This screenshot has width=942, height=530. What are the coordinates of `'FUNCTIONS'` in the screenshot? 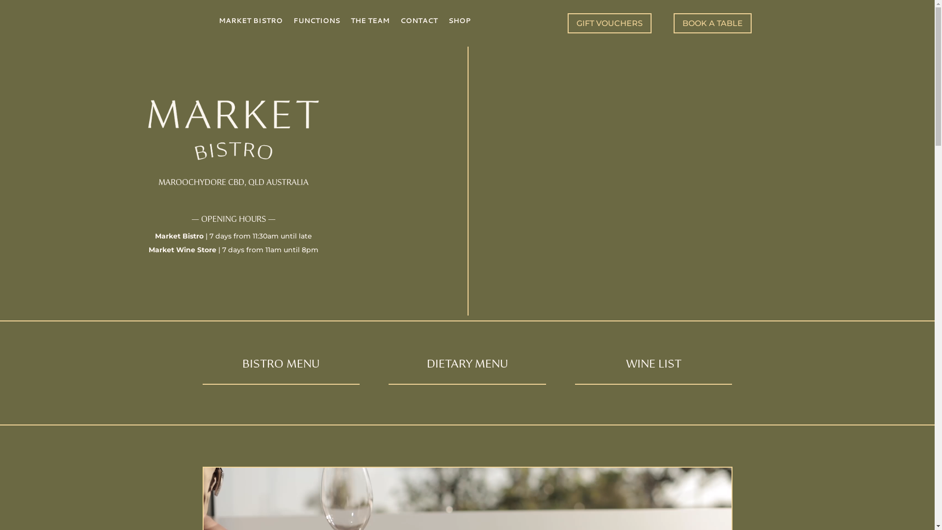 It's located at (316, 22).